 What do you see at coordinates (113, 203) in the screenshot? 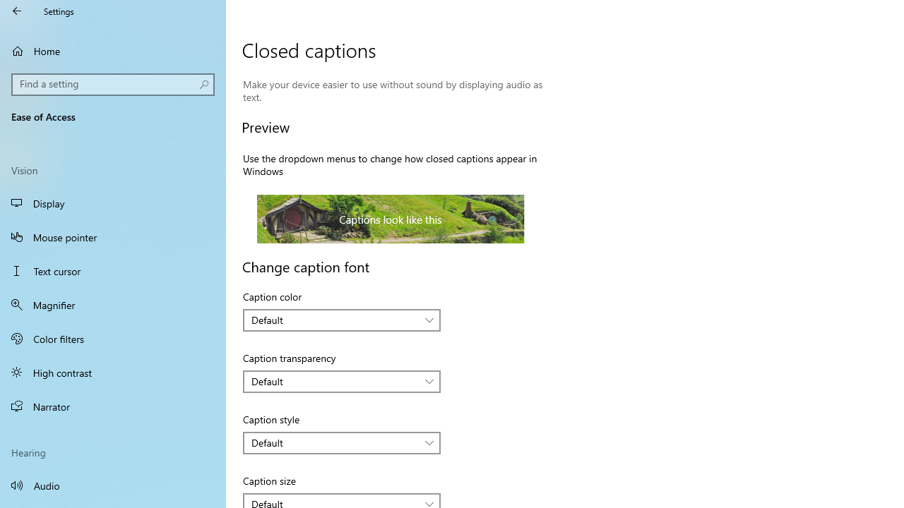
I see `'Display'` at bounding box center [113, 203].